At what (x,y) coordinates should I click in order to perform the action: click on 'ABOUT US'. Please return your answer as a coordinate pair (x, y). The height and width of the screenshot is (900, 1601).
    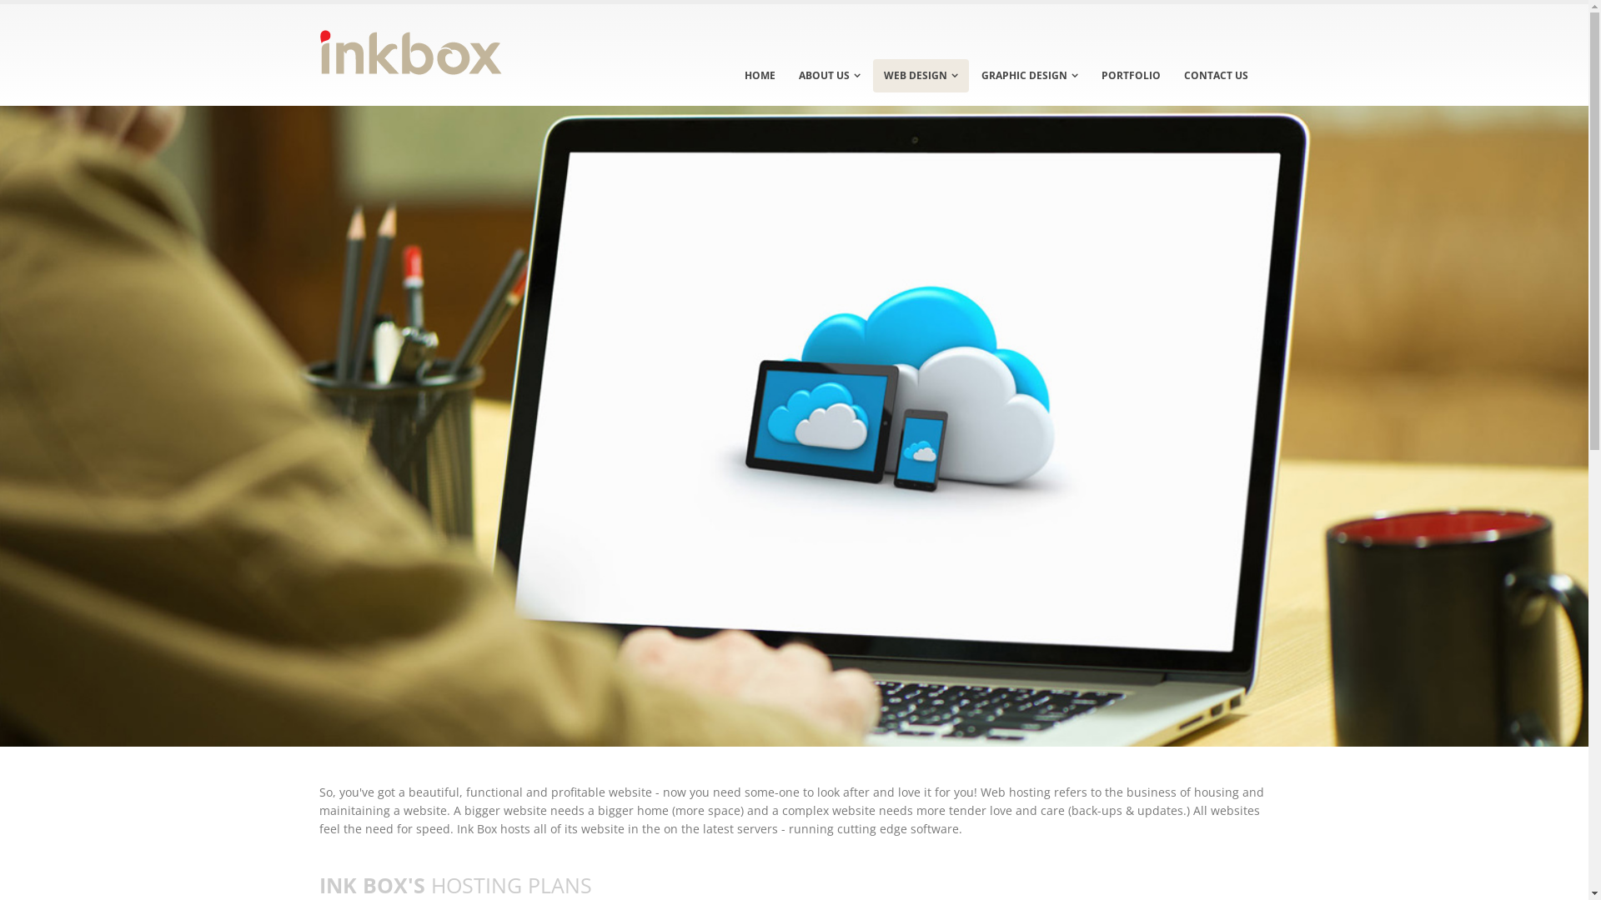
    Looking at the image, I should click on (828, 76).